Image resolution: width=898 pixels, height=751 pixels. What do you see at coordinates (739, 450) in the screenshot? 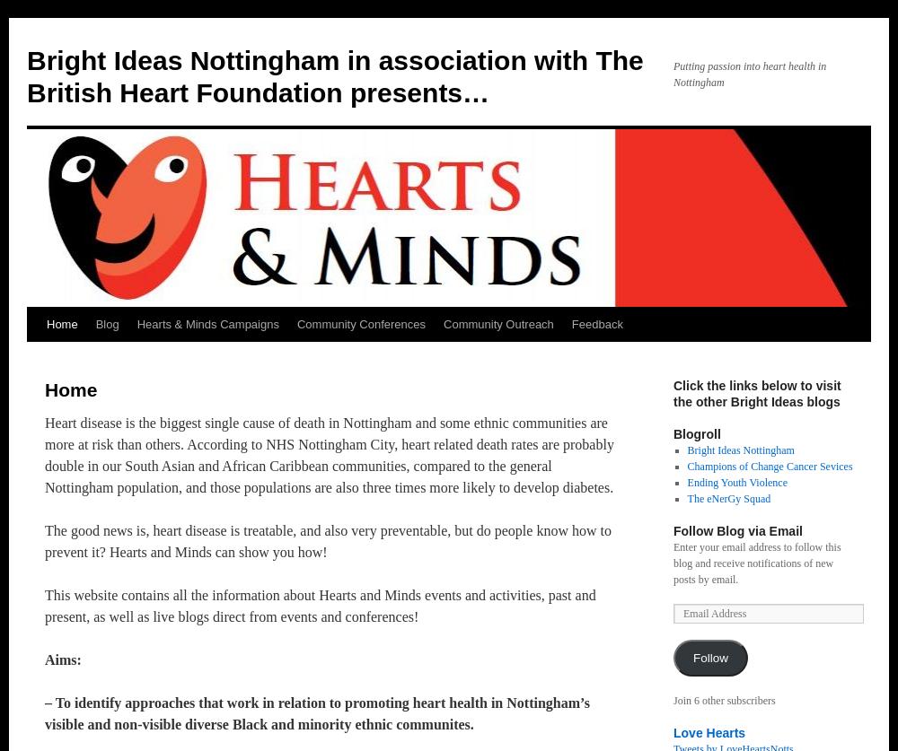
I see `'Bright Ideas Nottingham'` at bounding box center [739, 450].